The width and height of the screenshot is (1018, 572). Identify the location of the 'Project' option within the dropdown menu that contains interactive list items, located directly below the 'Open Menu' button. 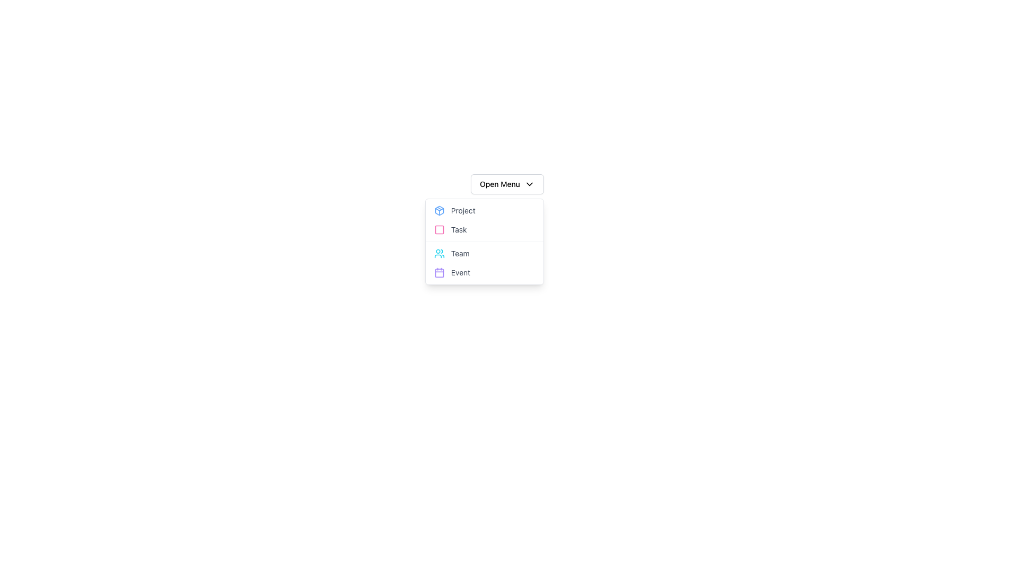
(484, 220).